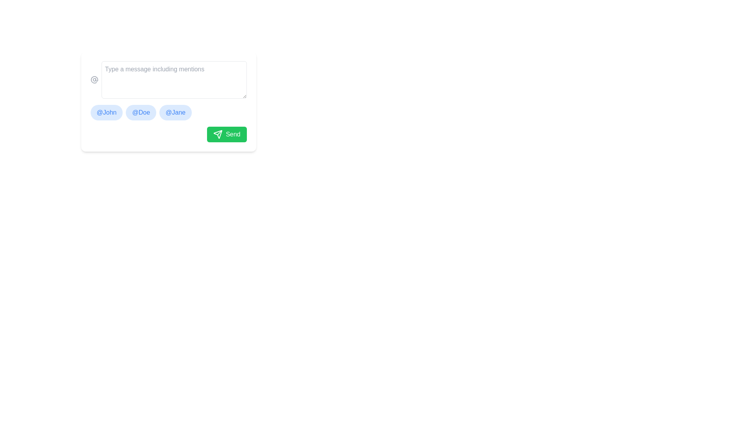 This screenshot has width=750, height=421. What do you see at coordinates (141, 113) in the screenshot?
I see `the interactive mention button for 'Doe', located between '@John' and '@Jane'` at bounding box center [141, 113].